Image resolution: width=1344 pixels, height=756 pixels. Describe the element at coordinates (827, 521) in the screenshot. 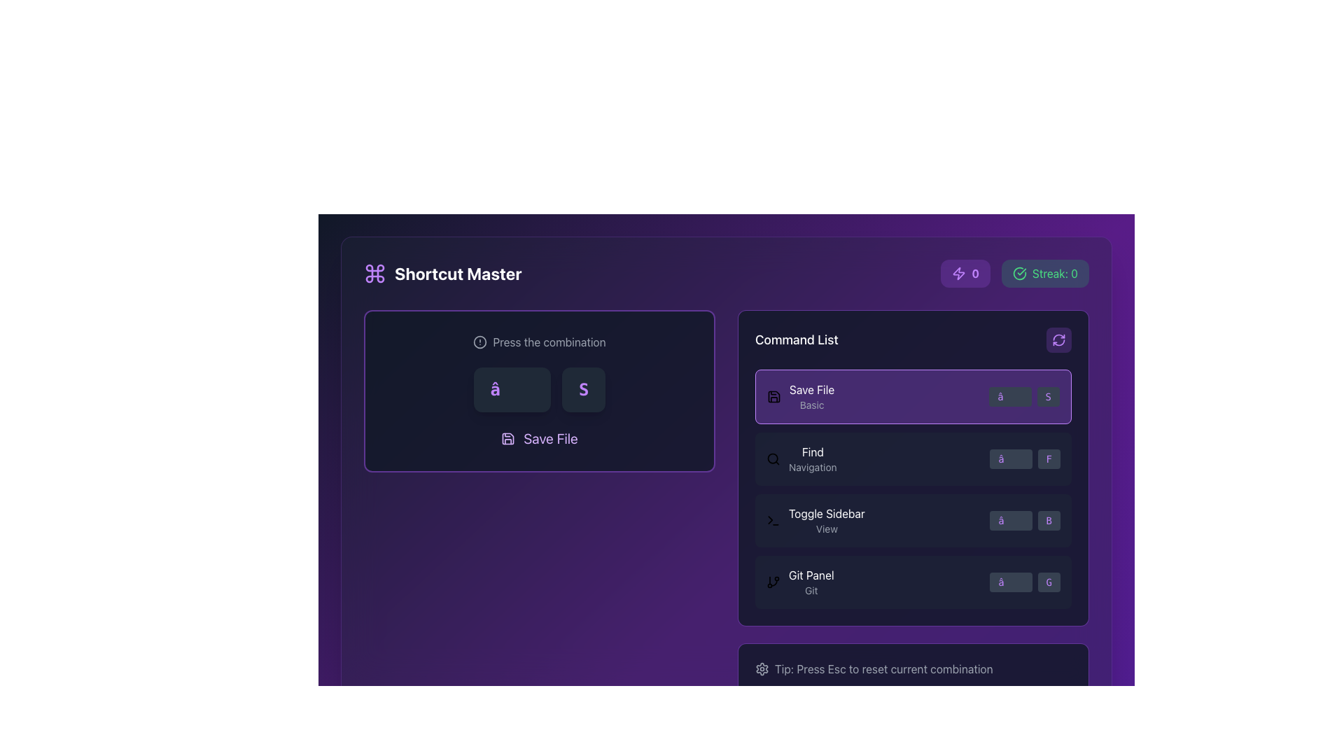

I see `the 'Toggle Sidebar' text label element, which is located in the 'Command List' section and is the third item in the list` at that location.